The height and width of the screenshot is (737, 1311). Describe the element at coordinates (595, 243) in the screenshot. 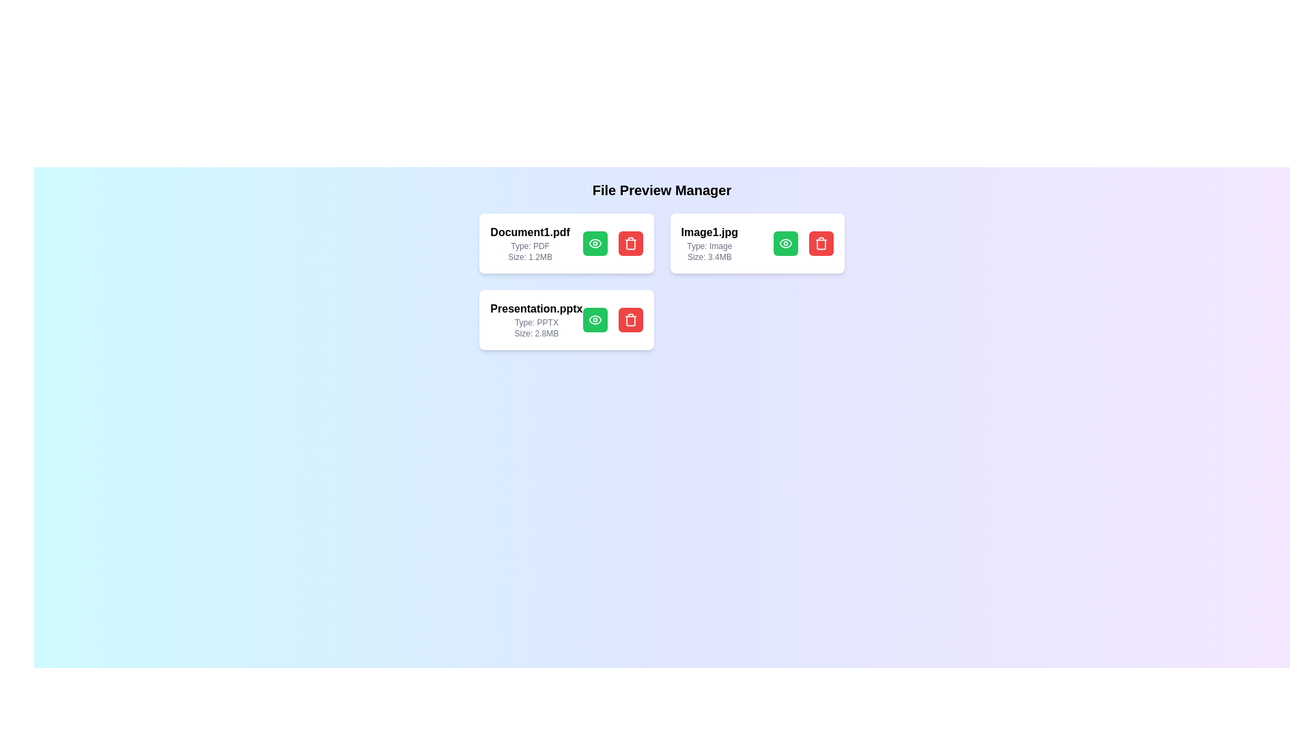

I see `the 'view' button located next to the 'Document1.pdf' file details in the top-left card of the file list` at that location.